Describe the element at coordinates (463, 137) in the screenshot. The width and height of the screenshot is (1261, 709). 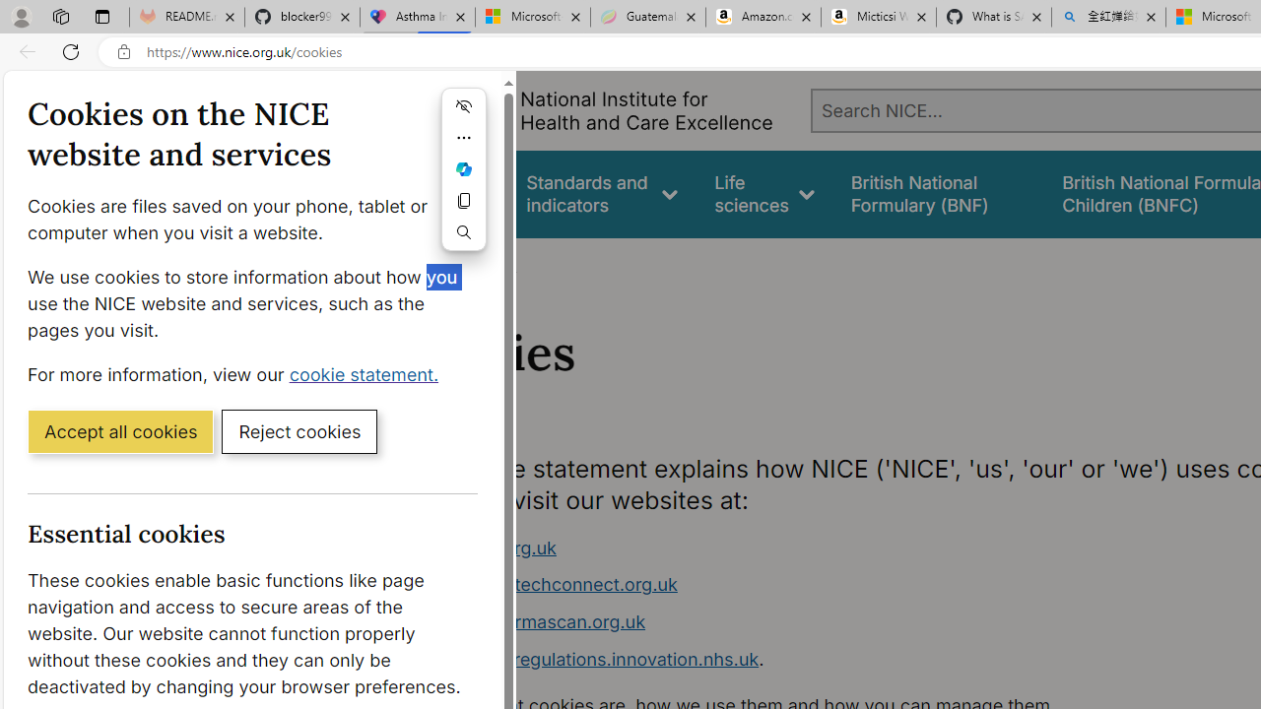
I see `'More actions'` at that location.